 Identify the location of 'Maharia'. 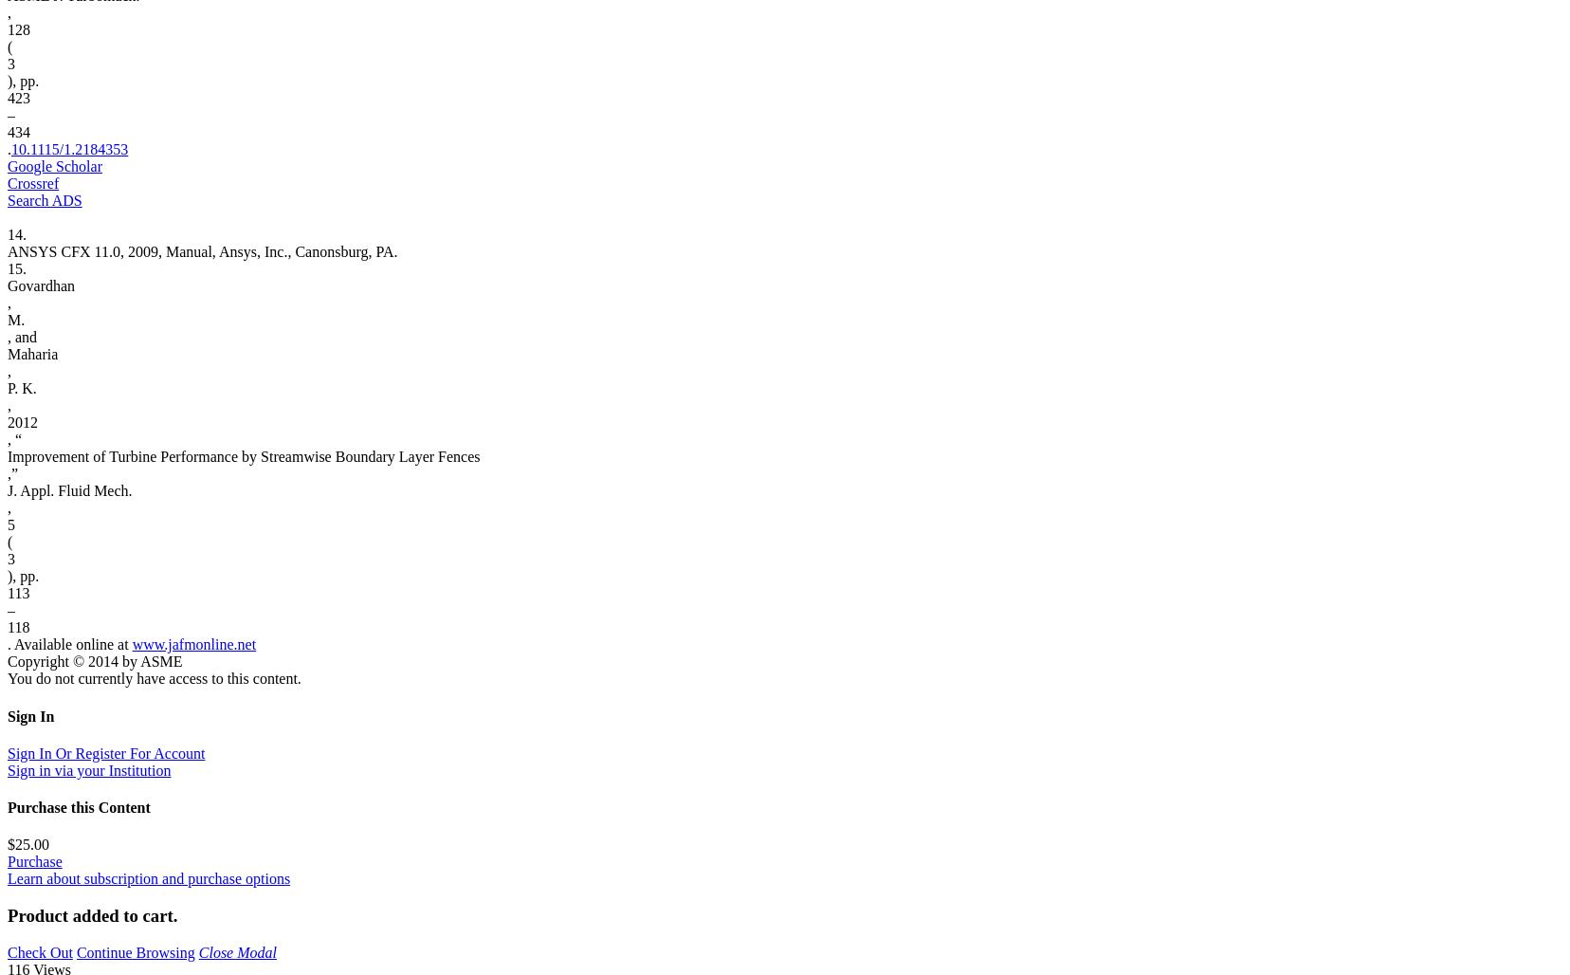
(31, 353).